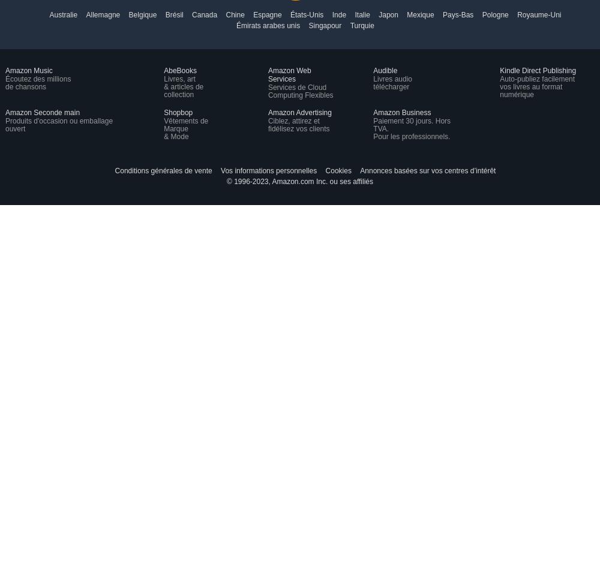 The width and height of the screenshot is (600, 572). What do you see at coordinates (388, 14) in the screenshot?
I see `'Japon'` at bounding box center [388, 14].